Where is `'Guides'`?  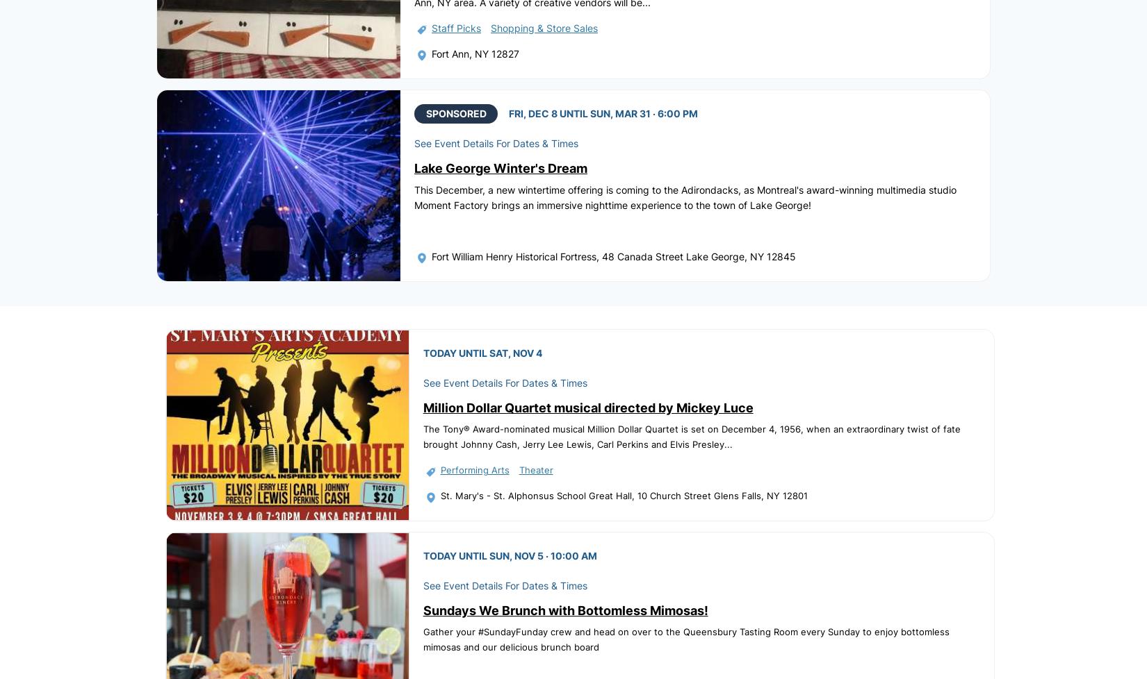 'Guides' is located at coordinates (669, 285).